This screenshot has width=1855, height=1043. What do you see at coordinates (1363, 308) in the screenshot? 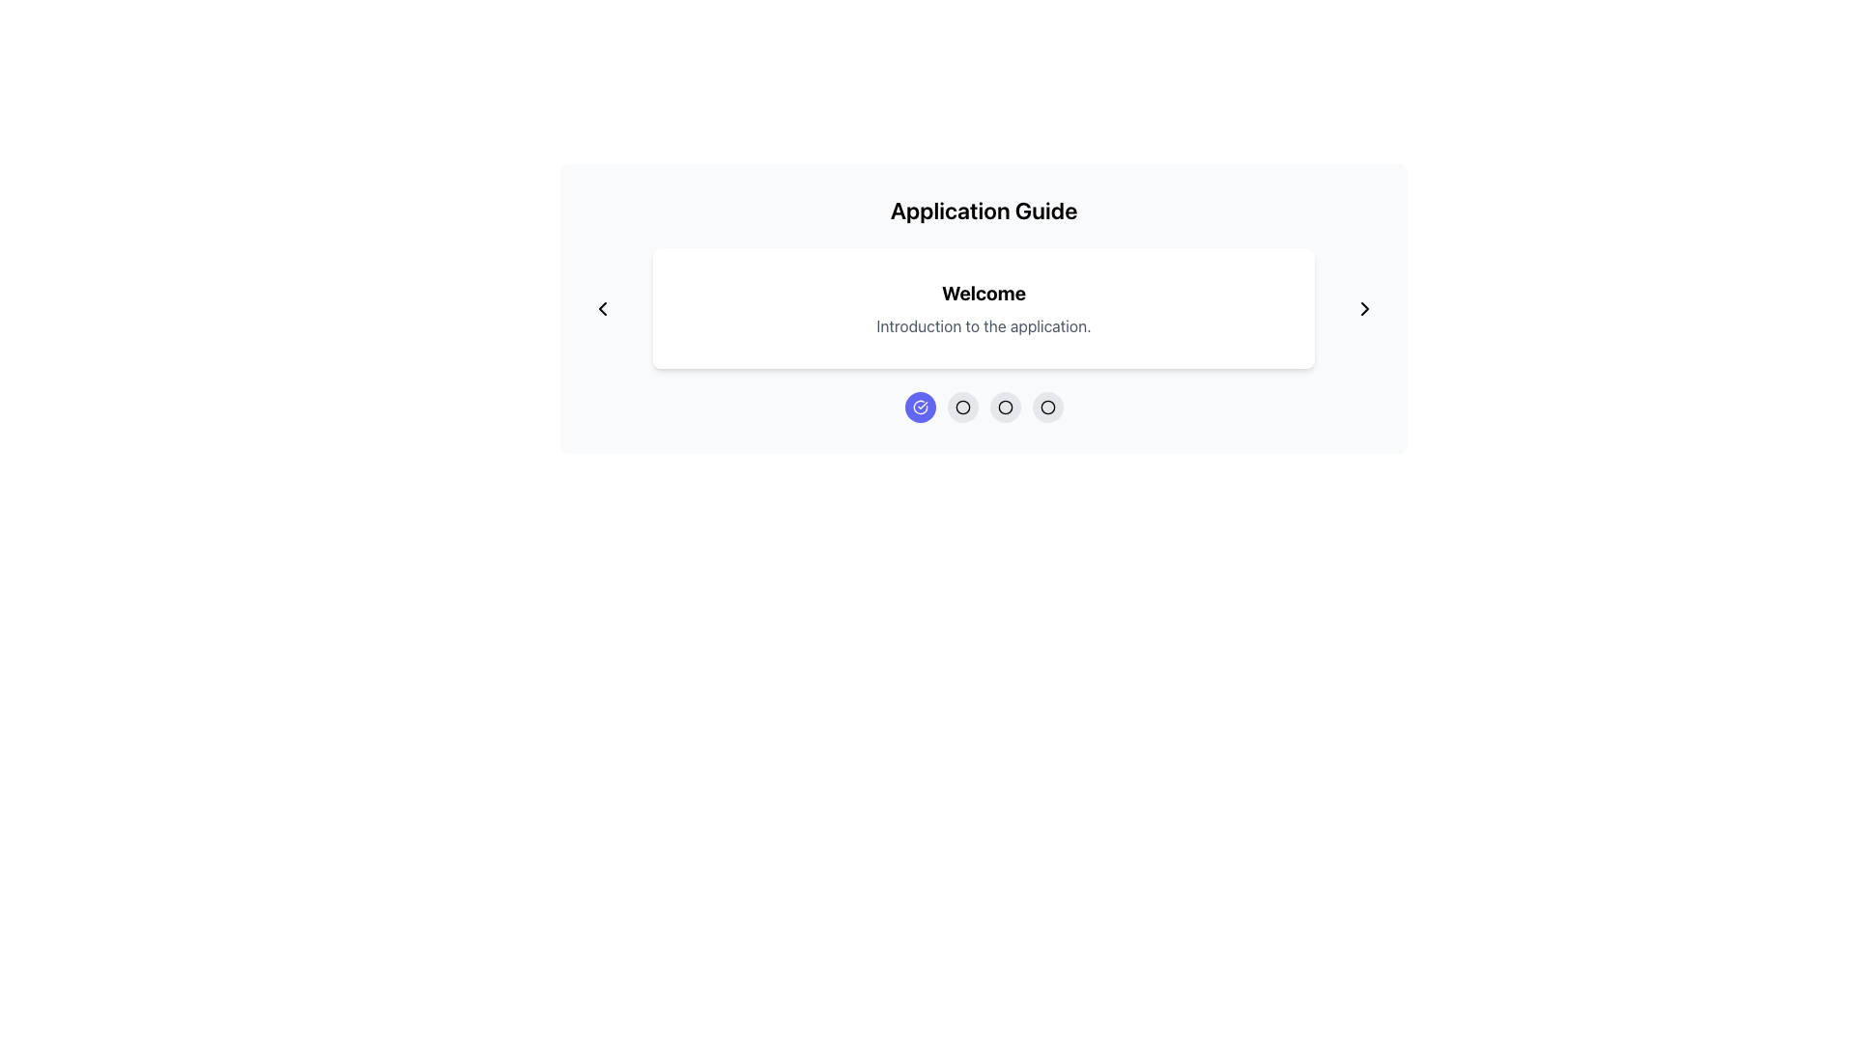
I see `the navigation arrow icon located towards the right edge of the central box` at bounding box center [1363, 308].